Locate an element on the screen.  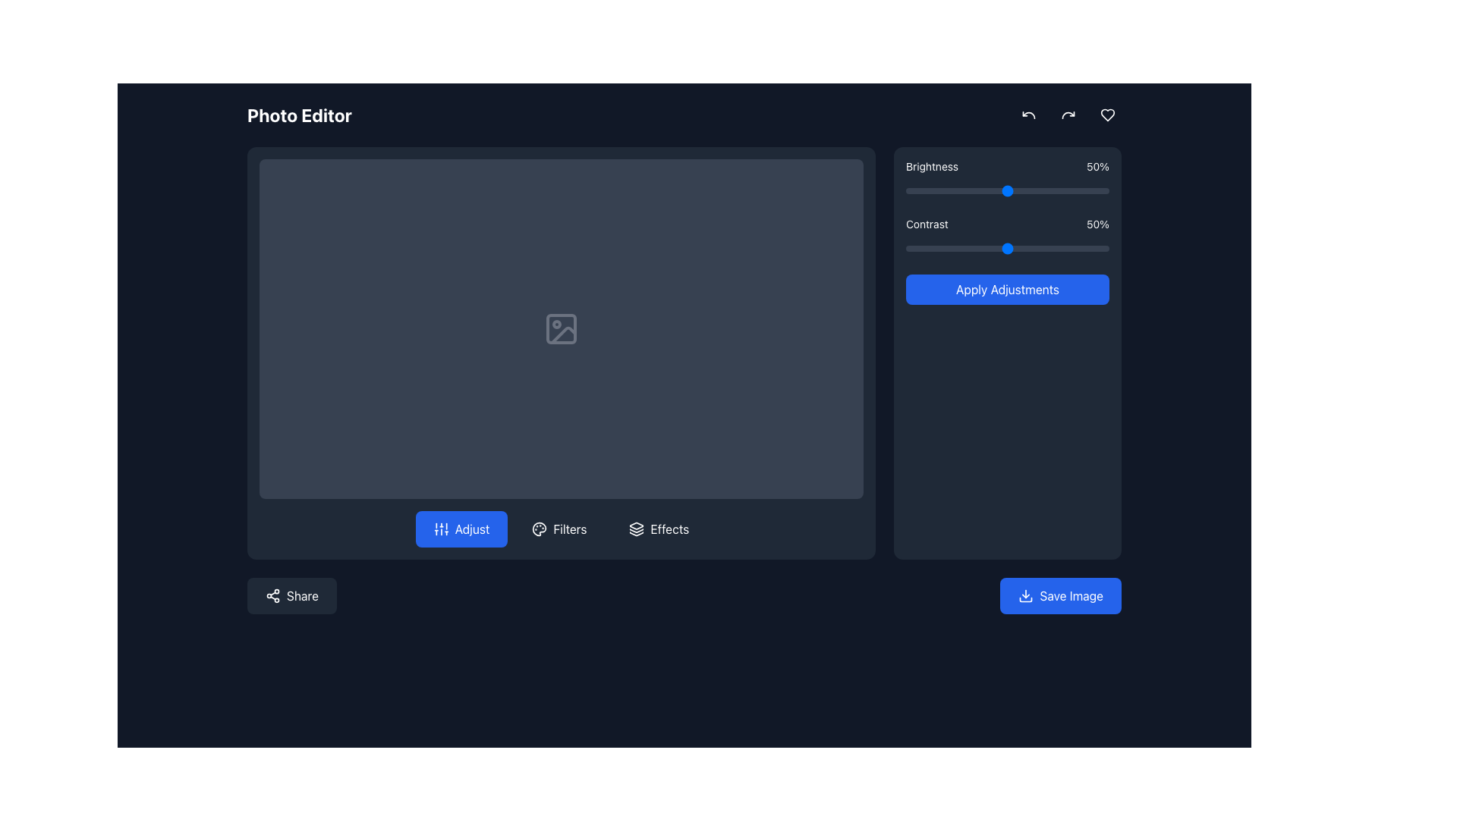
the 'Save Image' button located in the bottom-right corner of the application interface is located at coordinates (1060, 595).